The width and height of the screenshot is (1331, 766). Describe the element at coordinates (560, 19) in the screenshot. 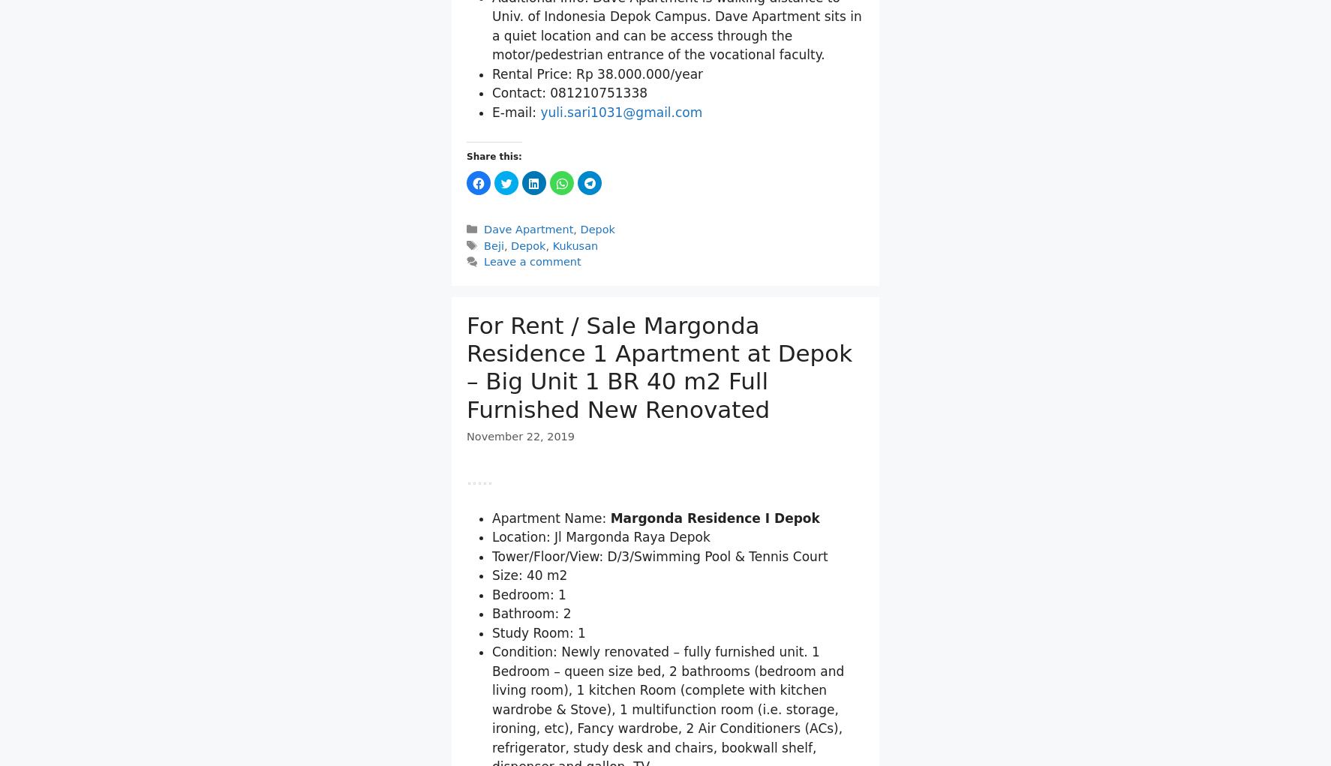

I see `'Meeting room'` at that location.